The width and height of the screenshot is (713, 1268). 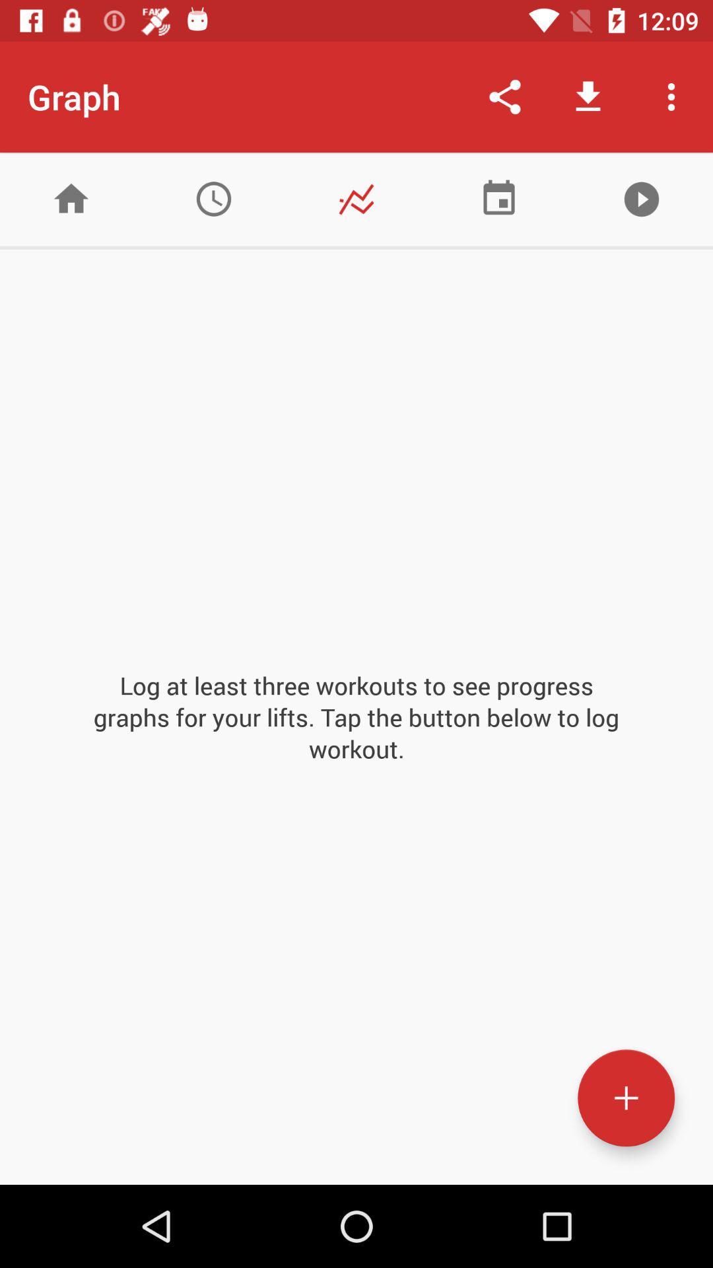 What do you see at coordinates (625, 1098) in the screenshot?
I see `workout progress` at bounding box center [625, 1098].